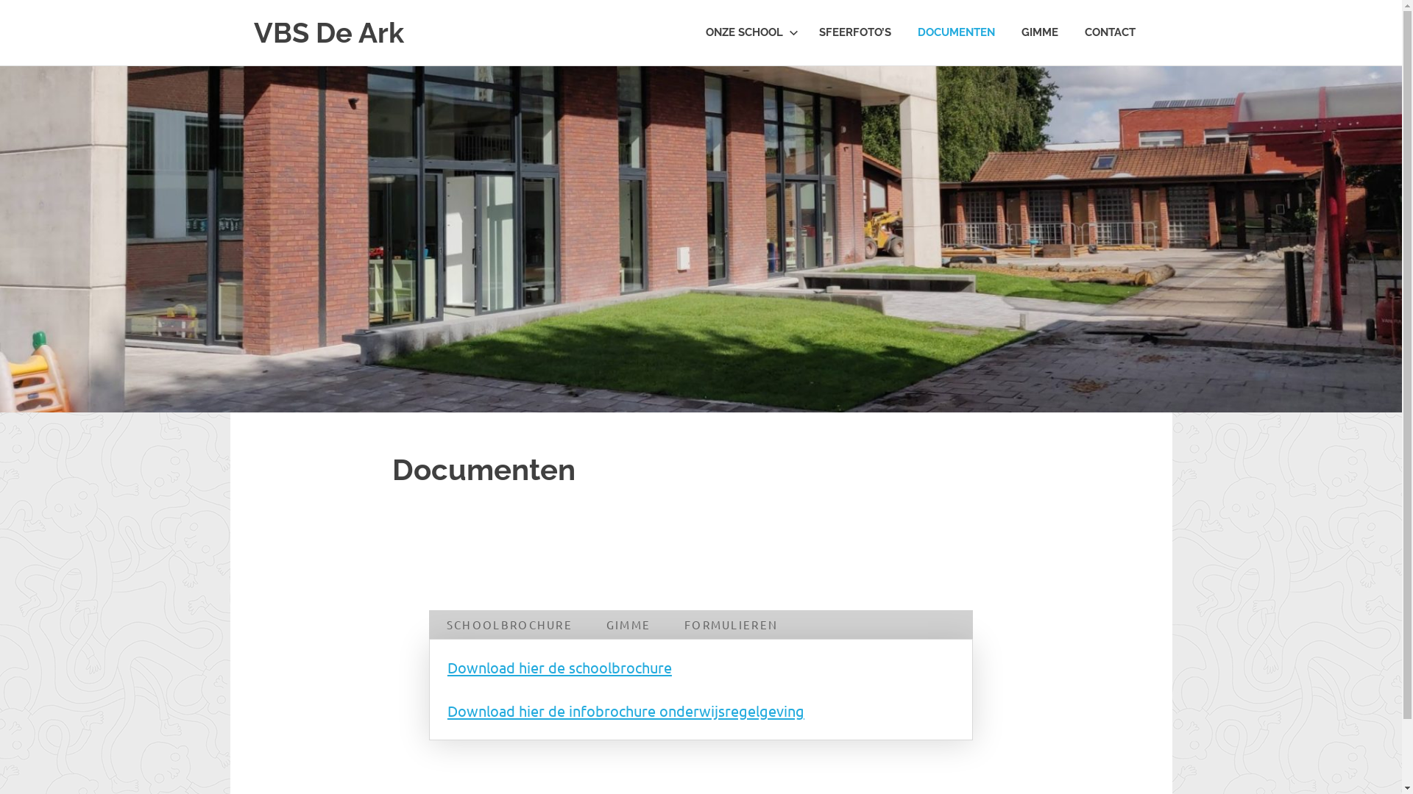  What do you see at coordinates (955, 32) in the screenshot?
I see `'DOCUMENTEN'` at bounding box center [955, 32].